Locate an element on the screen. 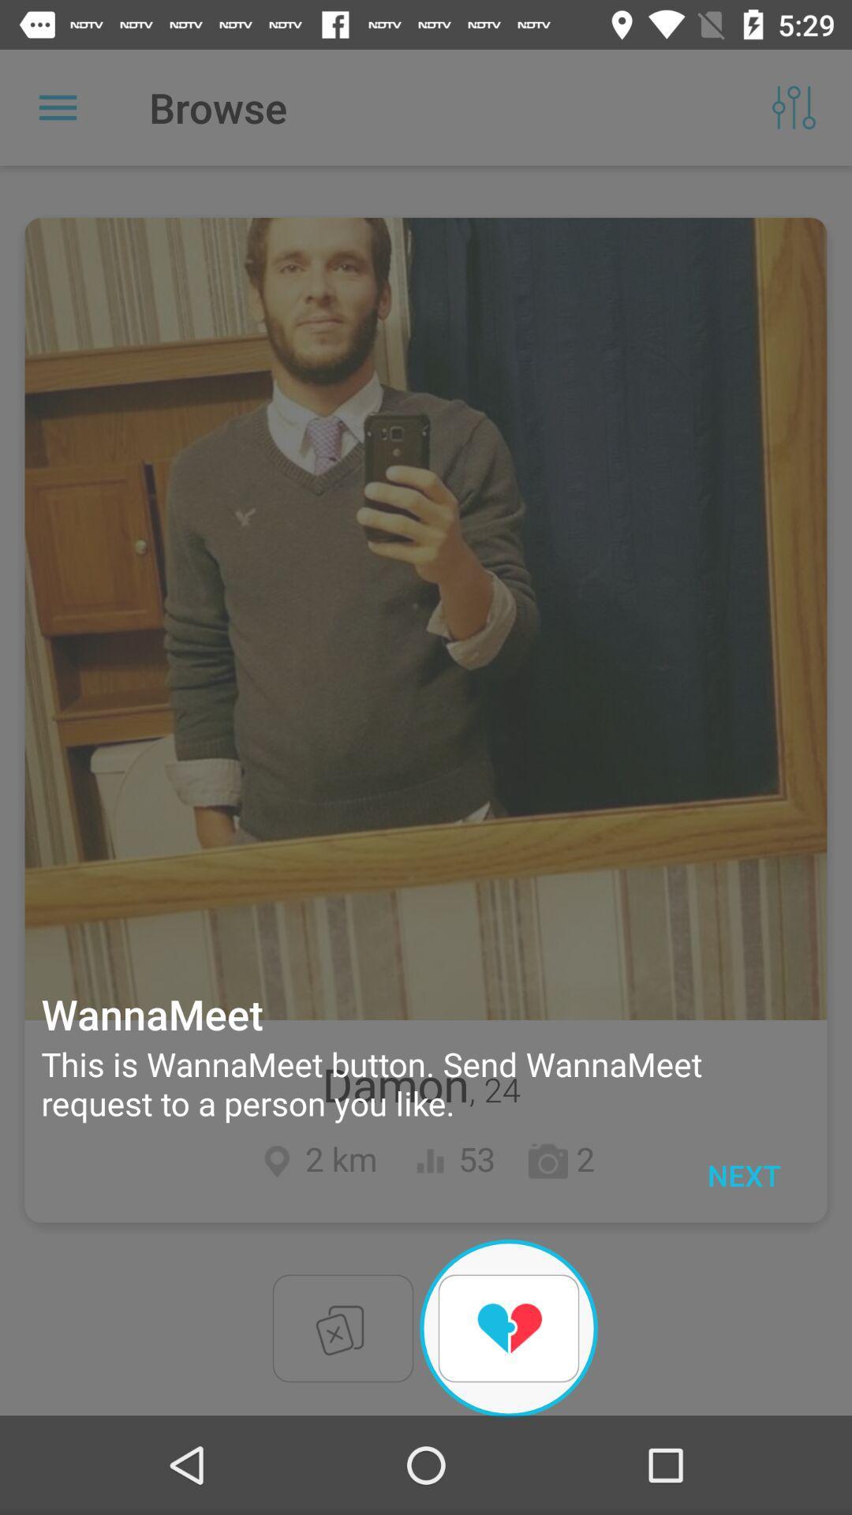 The height and width of the screenshot is (1515, 852). the favorite icon is located at coordinates (508, 1327).